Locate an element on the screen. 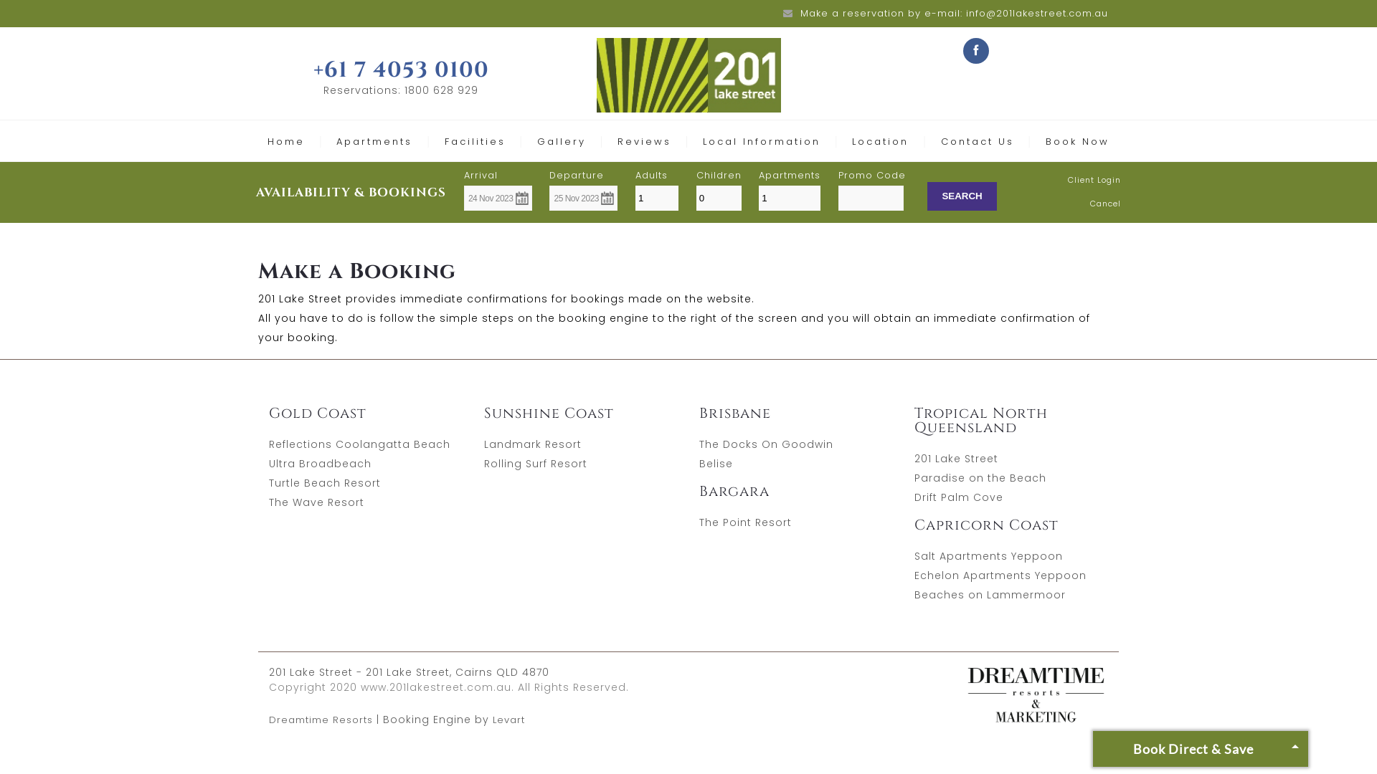 The width and height of the screenshot is (1377, 774). 'Contact Us' is located at coordinates (977, 141).